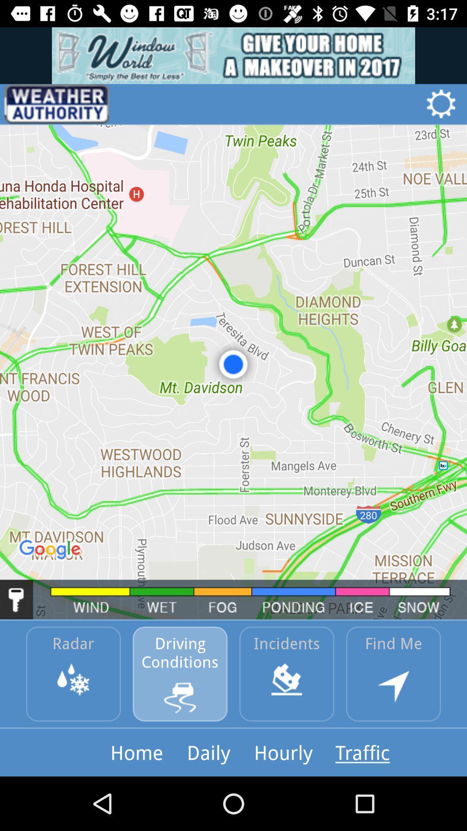  I want to click on icon at the top left corner, so click(57, 104).